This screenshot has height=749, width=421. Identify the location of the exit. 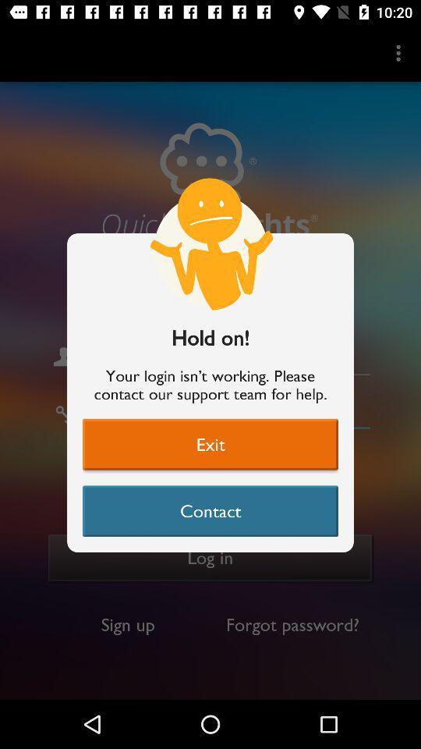
(210, 444).